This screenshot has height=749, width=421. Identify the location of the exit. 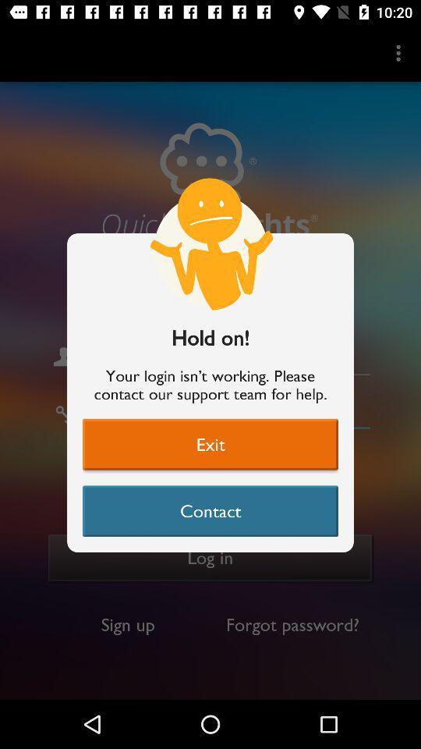
(210, 444).